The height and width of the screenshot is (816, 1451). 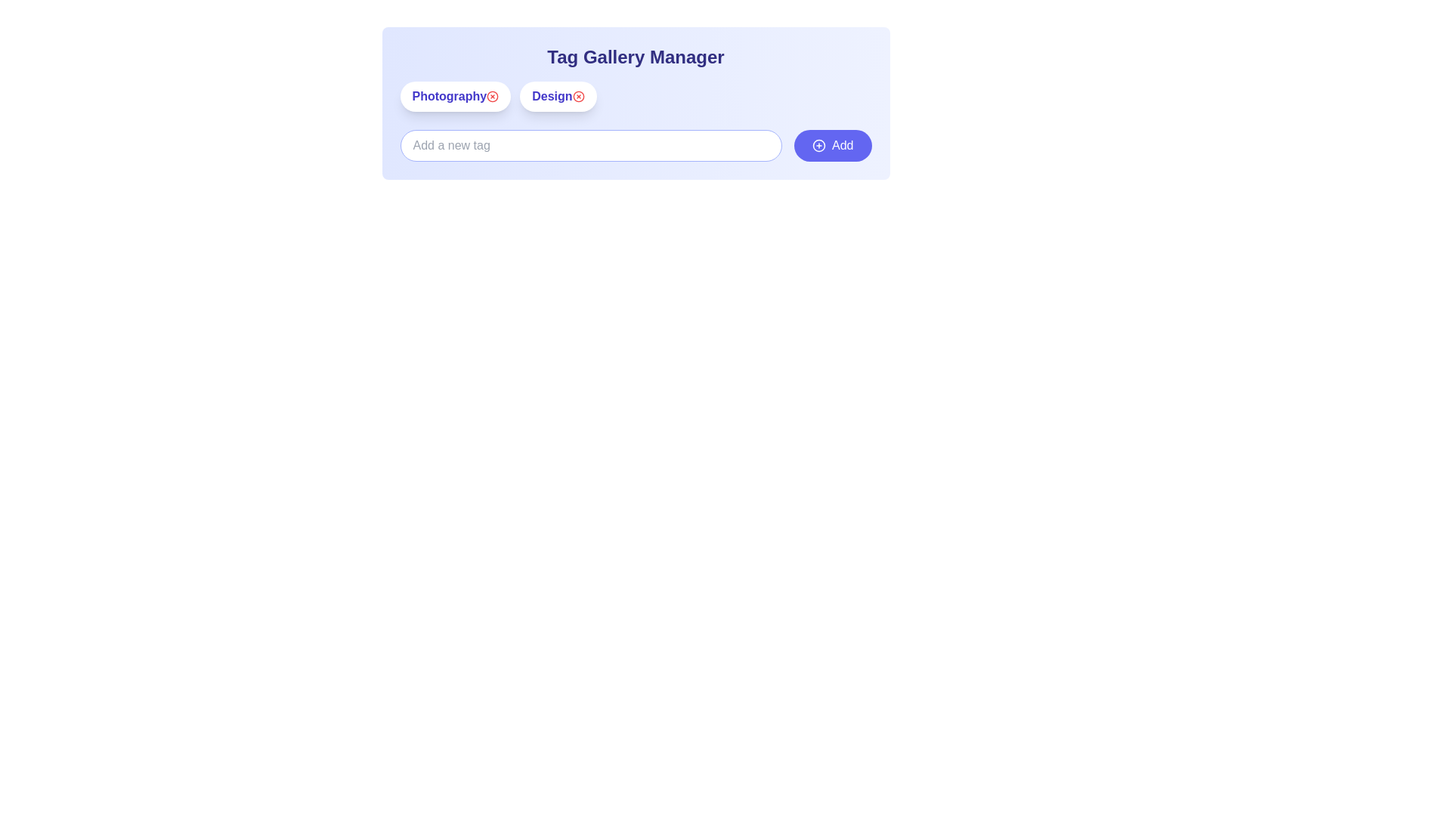 What do you see at coordinates (551, 96) in the screenshot?
I see `the text label displaying 'Design' in a bold indigo-colored font, which is positioned within a pill-shaped button below the heading 'Tag Gallery Manager'` at bounding box center [551, 96].